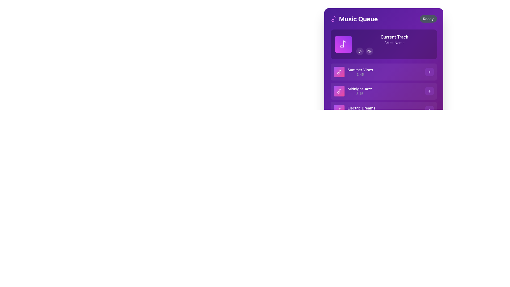 This screenshot has height=287, width=510. I want to click on the second list item in the Music Queue section, which represents the audio track 'Midnight Jazz', so click(384, 91).